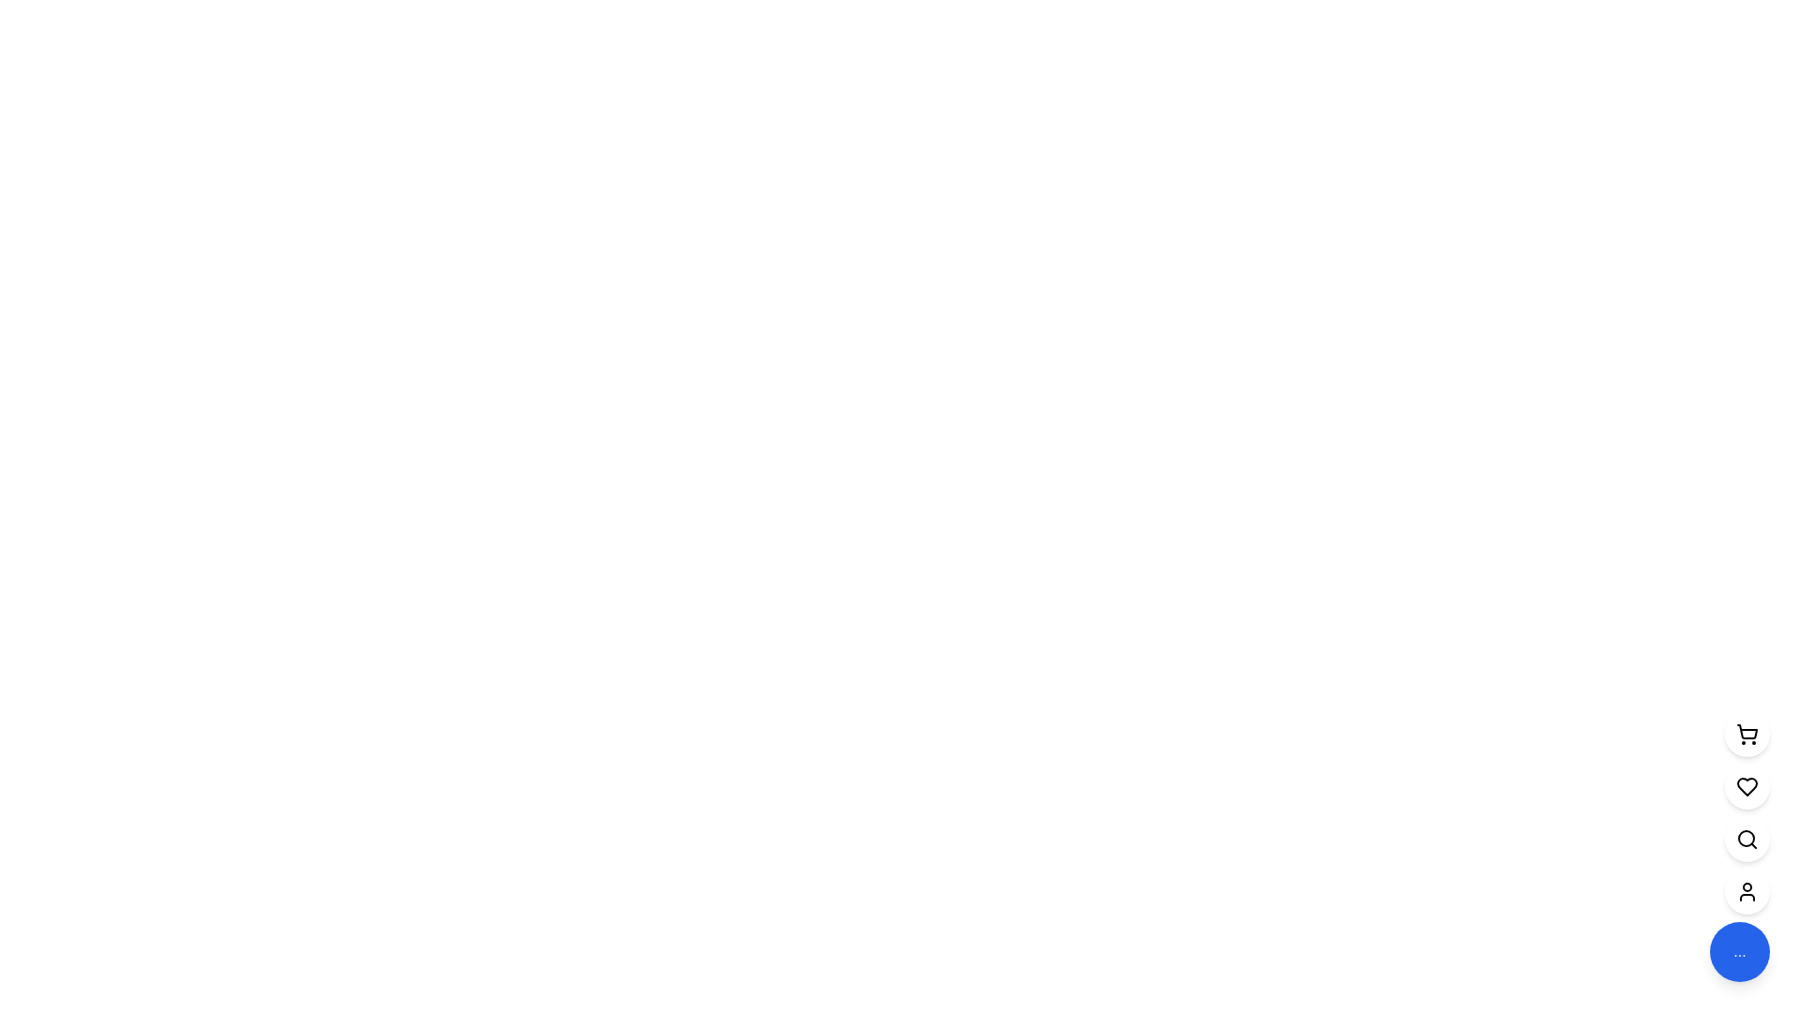  What do you see at coordinates (1746, 891) in the screenshot?
I see `the circular button with a white background and black user icon at its center` at bounding box center [1746, 891].